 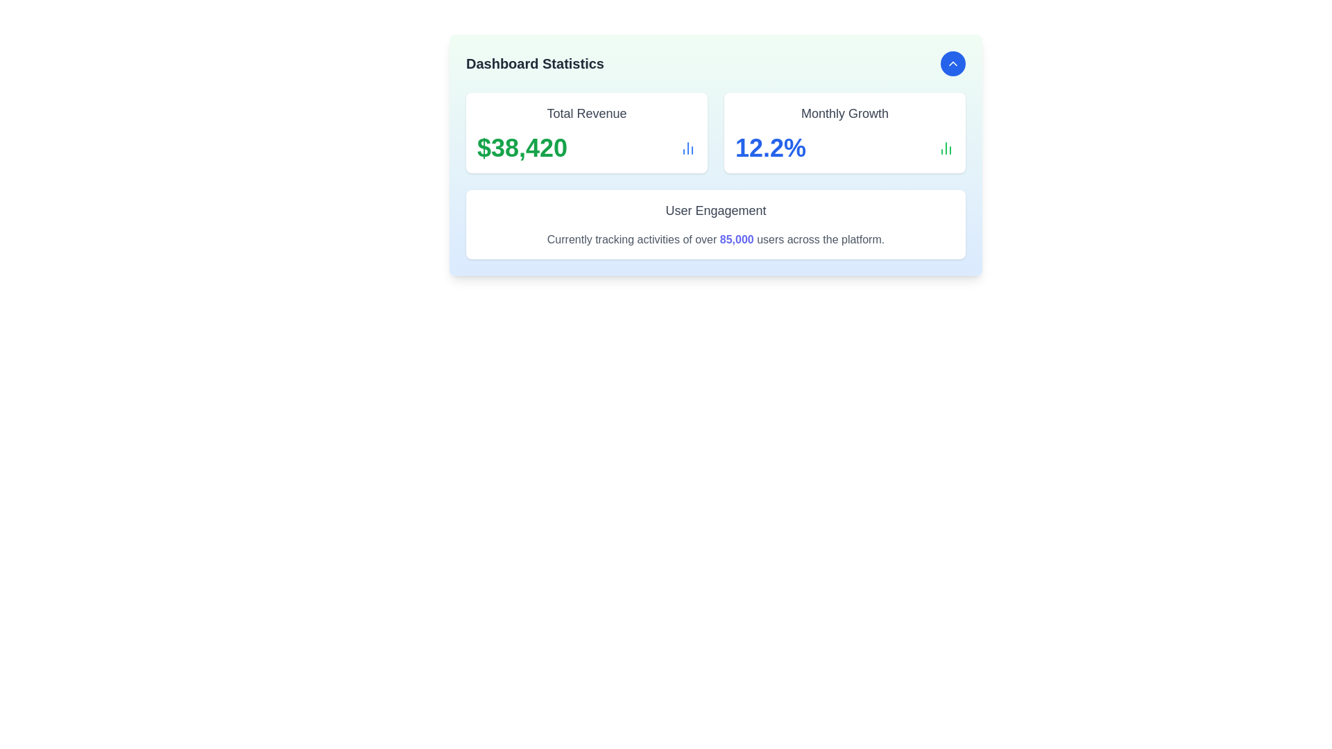 What do you see at coordinates (952, 64) in the screenshot?
I see `the rounded blue button at the top-right corner of the card displaying dashboard statistics` at bounding box center [952, 64].